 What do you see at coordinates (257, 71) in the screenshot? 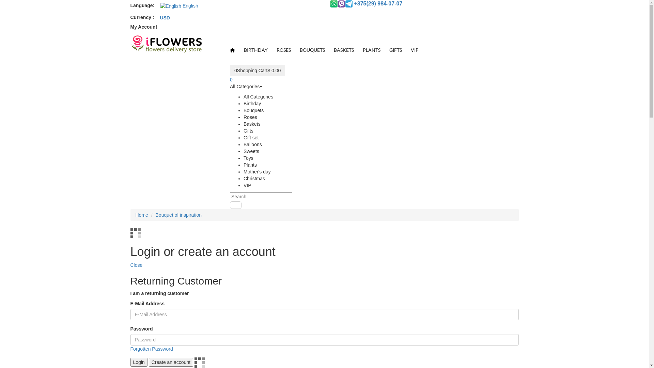
I see `'0Shopping Cart$ 0.00'` at bounding box center [257, 71].